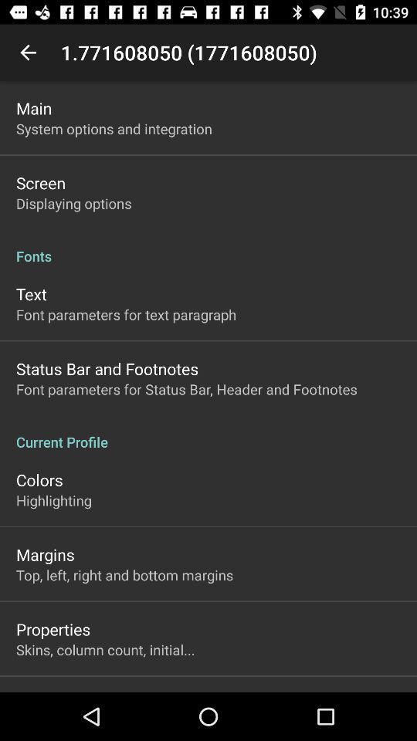  What do you see at coordinates (34, 107) in the screenshot?
I see `the main icon` at bounding box center [34, 107].